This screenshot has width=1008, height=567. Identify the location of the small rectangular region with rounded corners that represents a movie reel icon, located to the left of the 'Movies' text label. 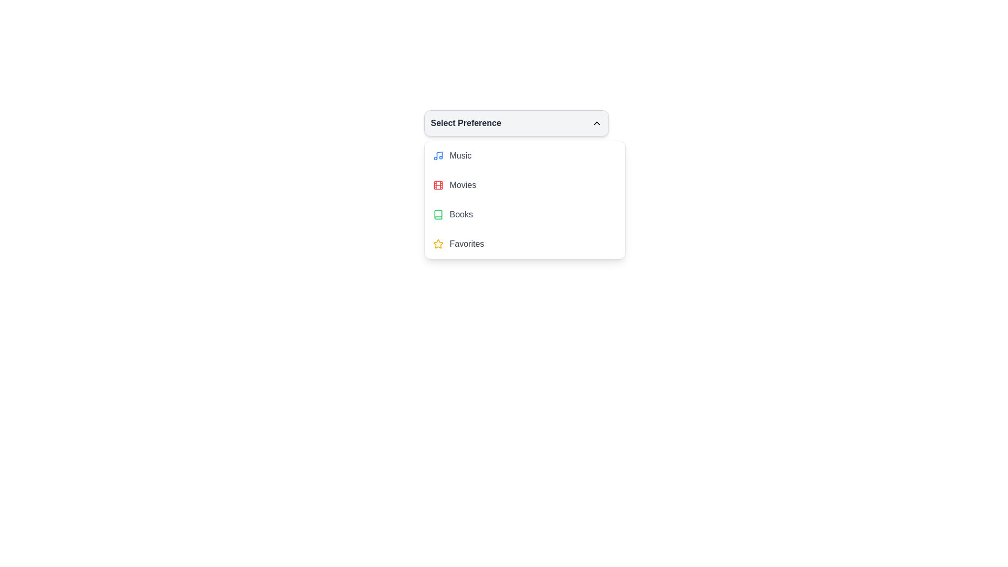
(438, 185).